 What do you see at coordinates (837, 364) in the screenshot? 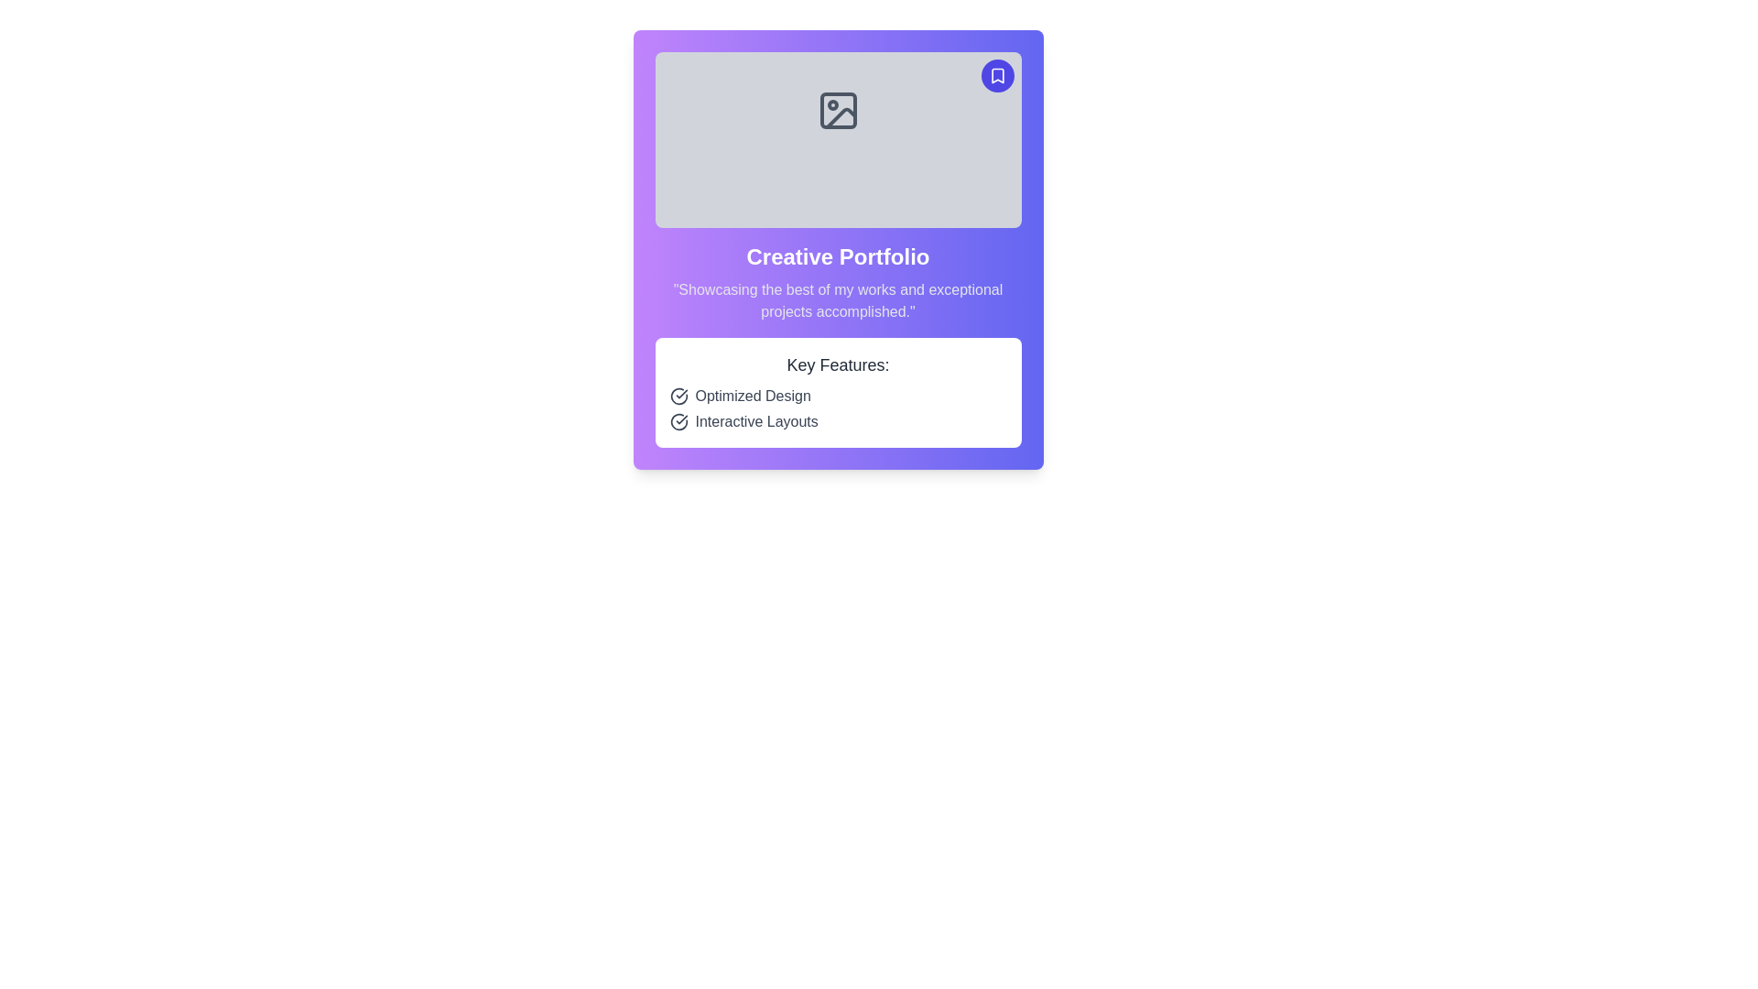
I see `the text label displaying 'Key Features:' which is styled in a larger bold font within a white rectangular section of a purple card layout` at bounding box center [837, 364].